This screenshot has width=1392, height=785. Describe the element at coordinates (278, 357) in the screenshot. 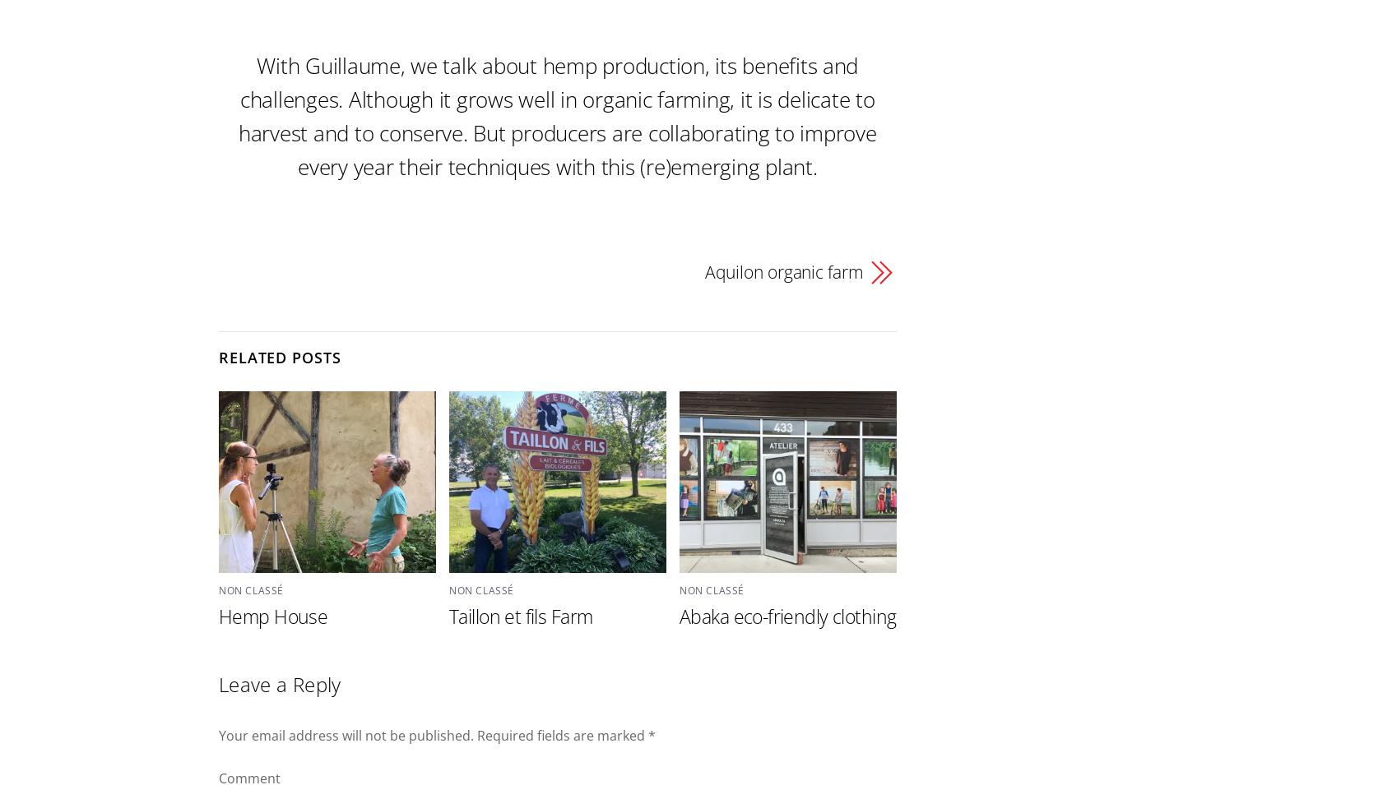

I see `'Related Posts'` at that location.